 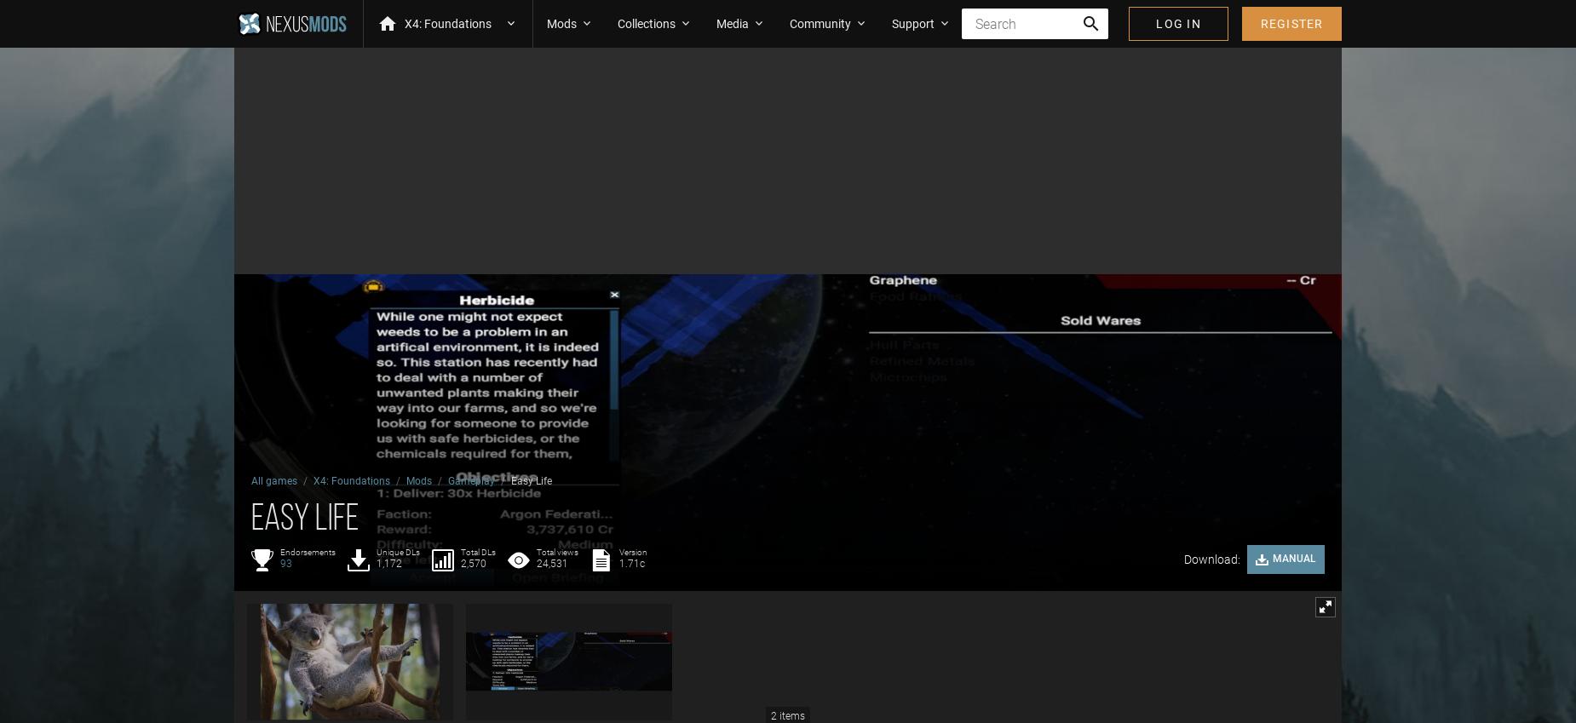 What do you see at coordinates (788, 716) in the screenshot?
I see `'2 items'` at bounding box center [788, 716].